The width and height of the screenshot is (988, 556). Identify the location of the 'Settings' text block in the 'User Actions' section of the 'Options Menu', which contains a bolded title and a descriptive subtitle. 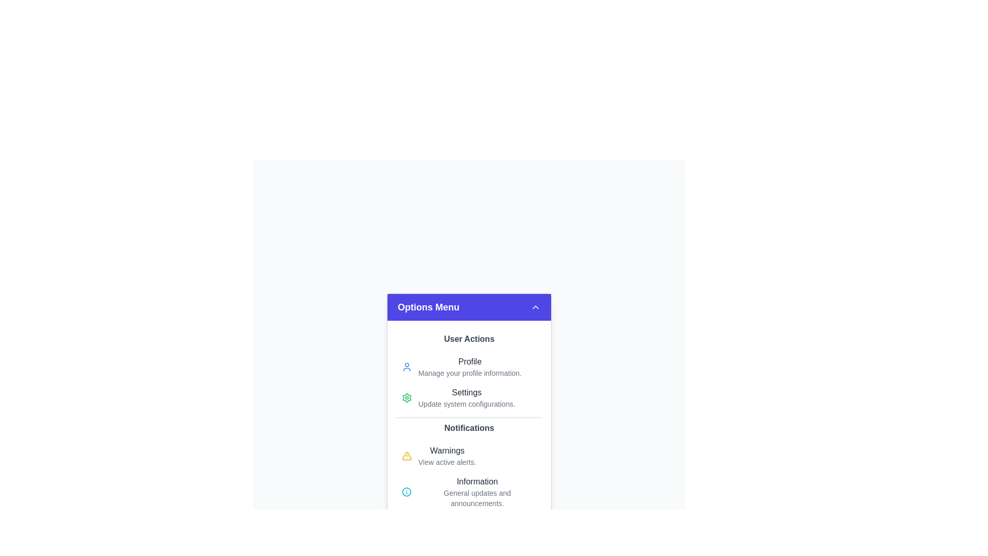
(466, 397).